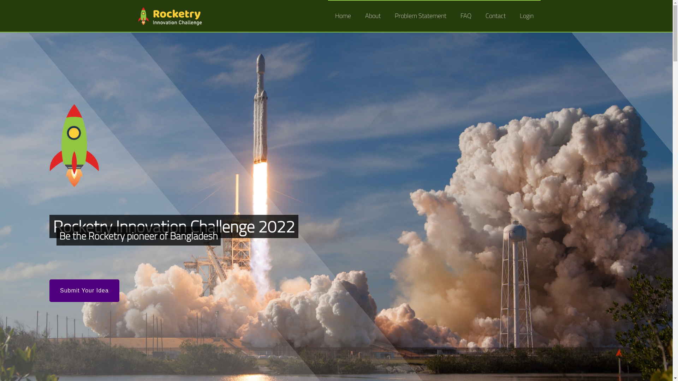 This screenshot has width=678, height=381. What do you see at coordinates (512, 16) in the screenshot?
I see `'Login'` at bounding box center [512, 16].